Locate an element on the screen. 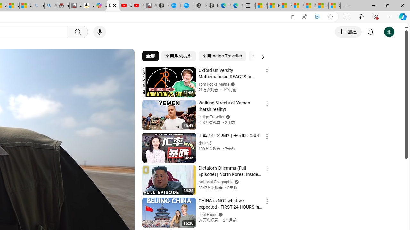  'Day 1: Arriving in Yemen (surreal to be here) - YouTube' is located at coordinates (113, 5).